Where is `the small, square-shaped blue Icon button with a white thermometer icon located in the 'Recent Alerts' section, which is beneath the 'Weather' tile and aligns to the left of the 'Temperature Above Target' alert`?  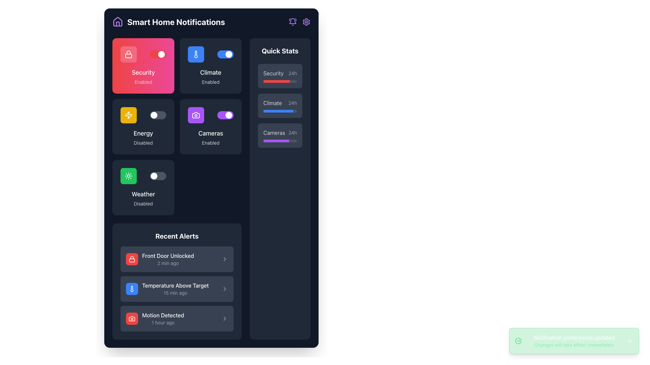
the small, square-shaped blue Icon button with a white thermometer icon located in the 'Recent Alerts' section, which is beneath the 'Weather' tile and aligns to the left of the 'Temperature Above Target' alert is located at coordinates (132, 289).